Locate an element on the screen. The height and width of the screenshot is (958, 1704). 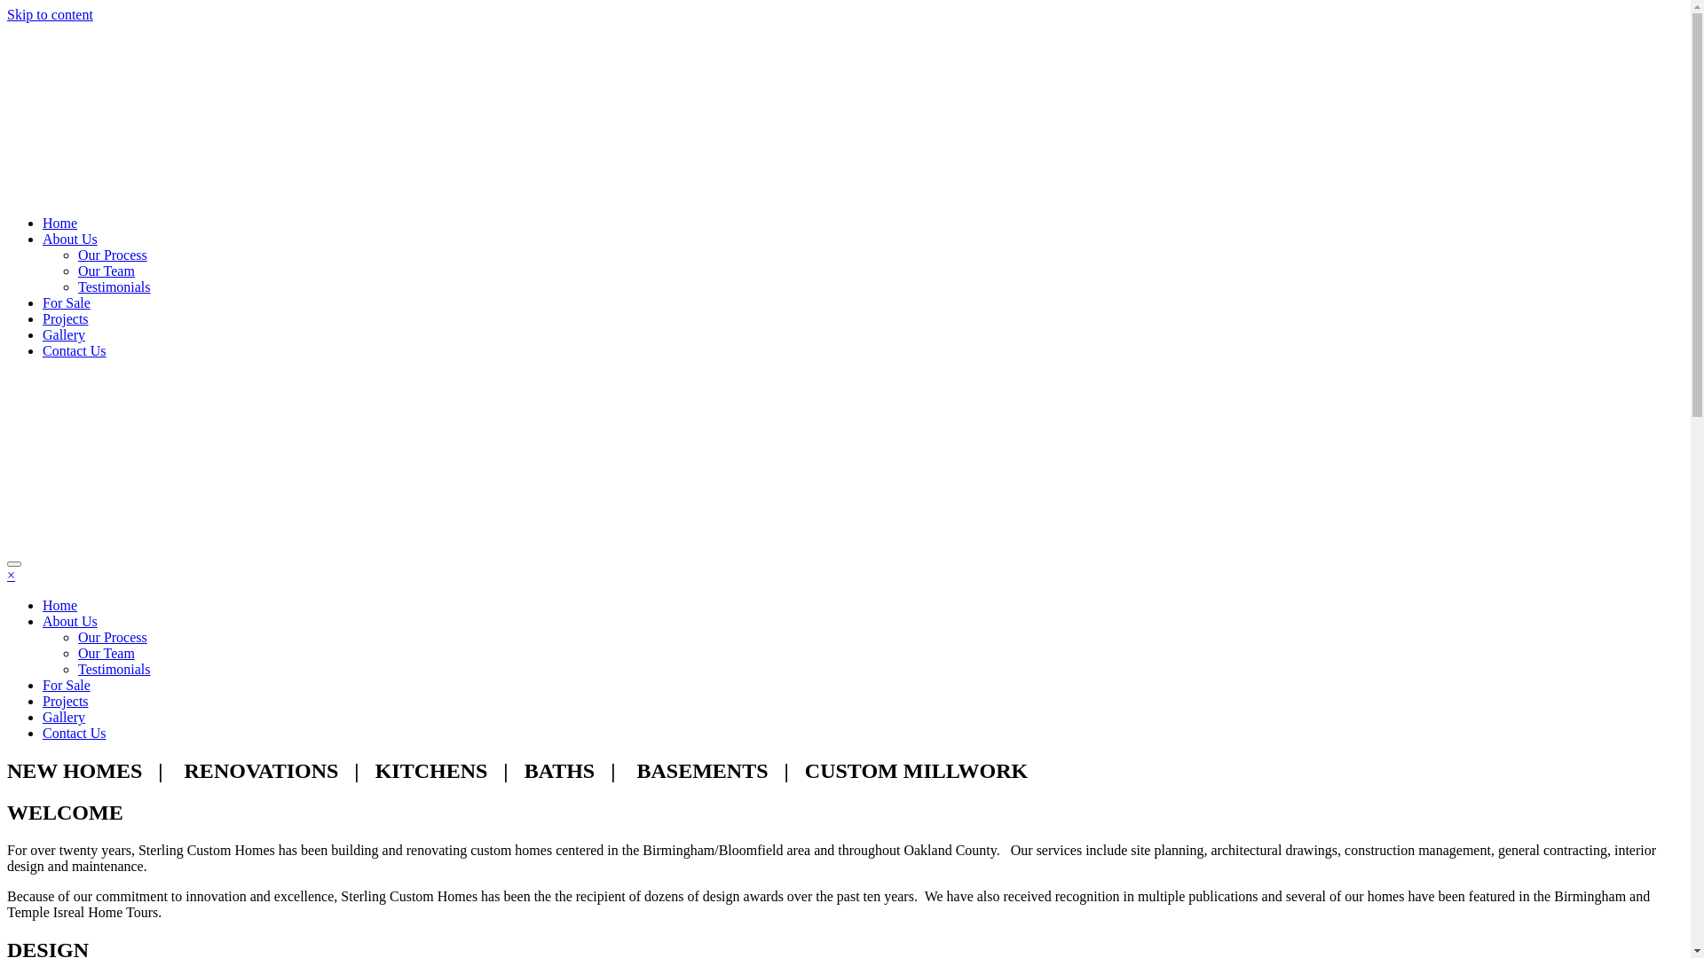
'Gallery' is located at coordinates (64, 716).